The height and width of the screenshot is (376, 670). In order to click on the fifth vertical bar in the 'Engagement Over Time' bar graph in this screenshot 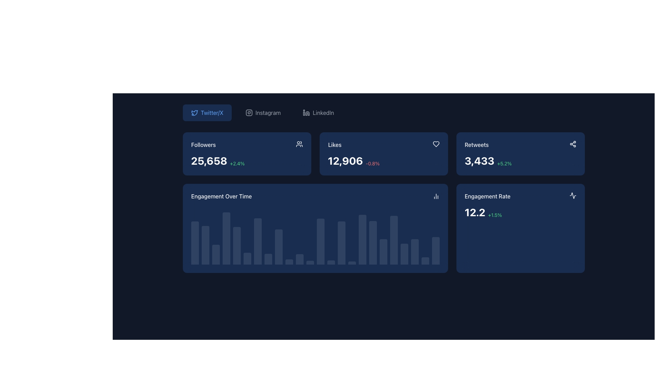, I will do `click(237, 245)`.